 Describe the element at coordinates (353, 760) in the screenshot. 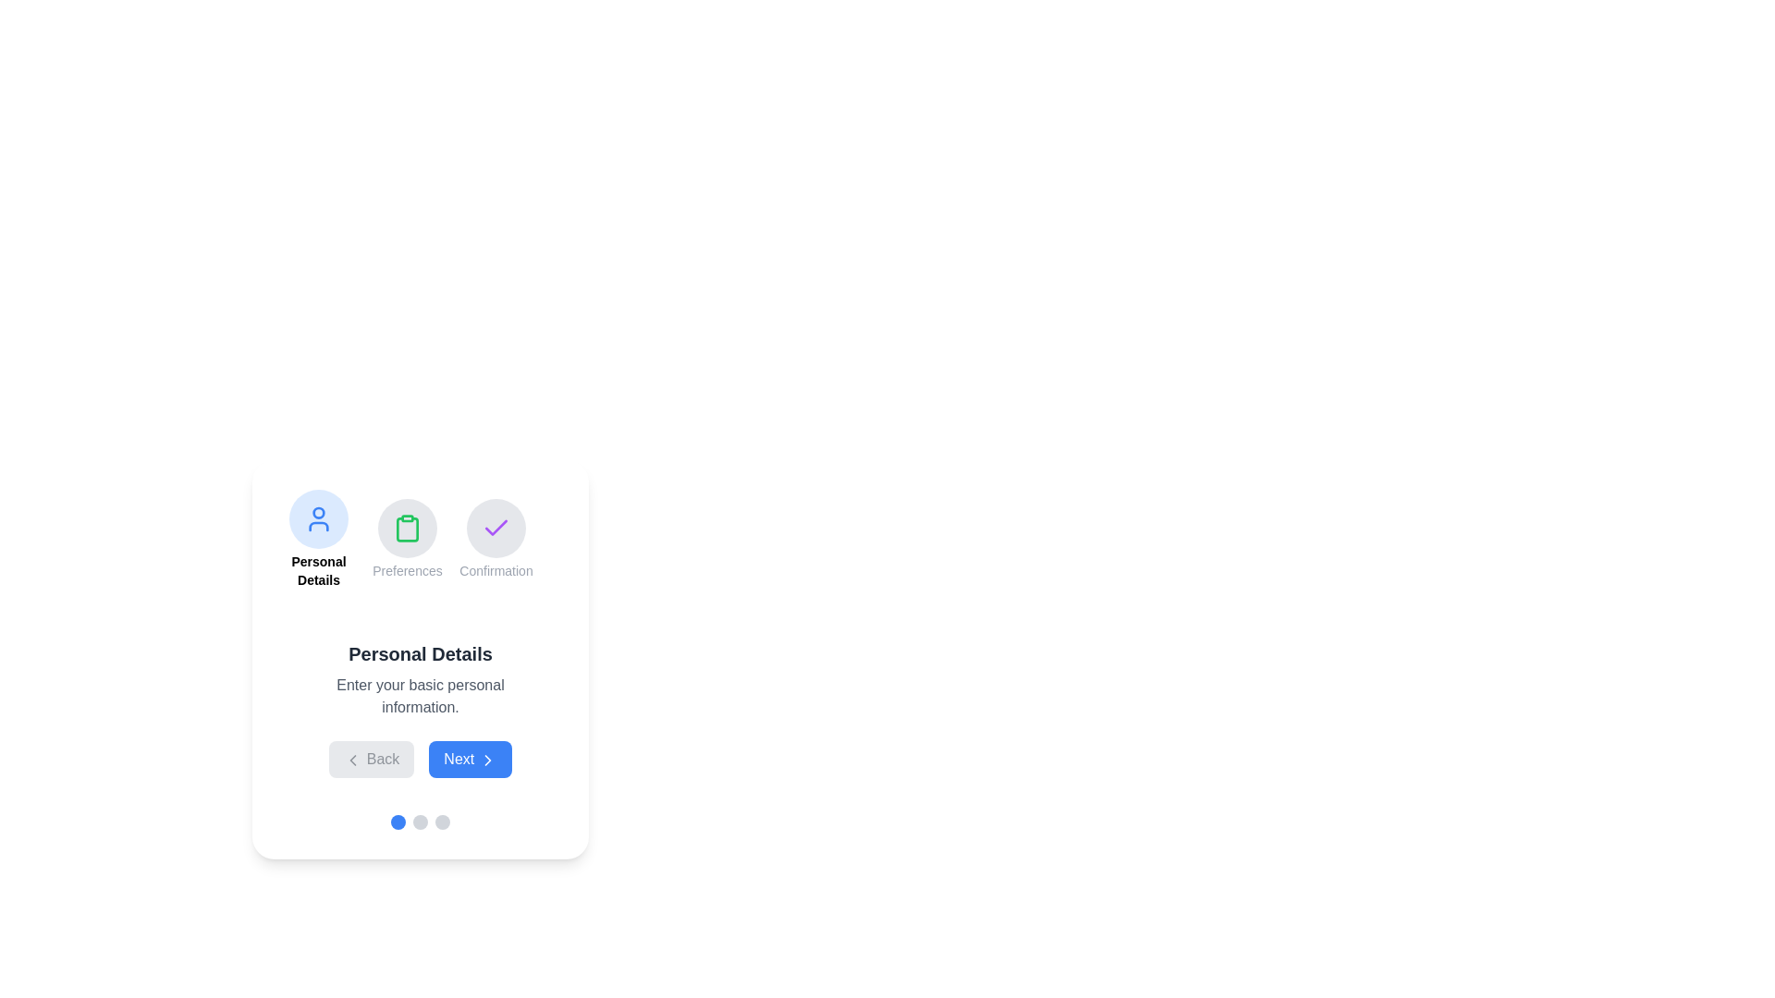

I see `the decorative chevron icon pointing to the left, which is located near the left edge of the 'Back' button` at that location.